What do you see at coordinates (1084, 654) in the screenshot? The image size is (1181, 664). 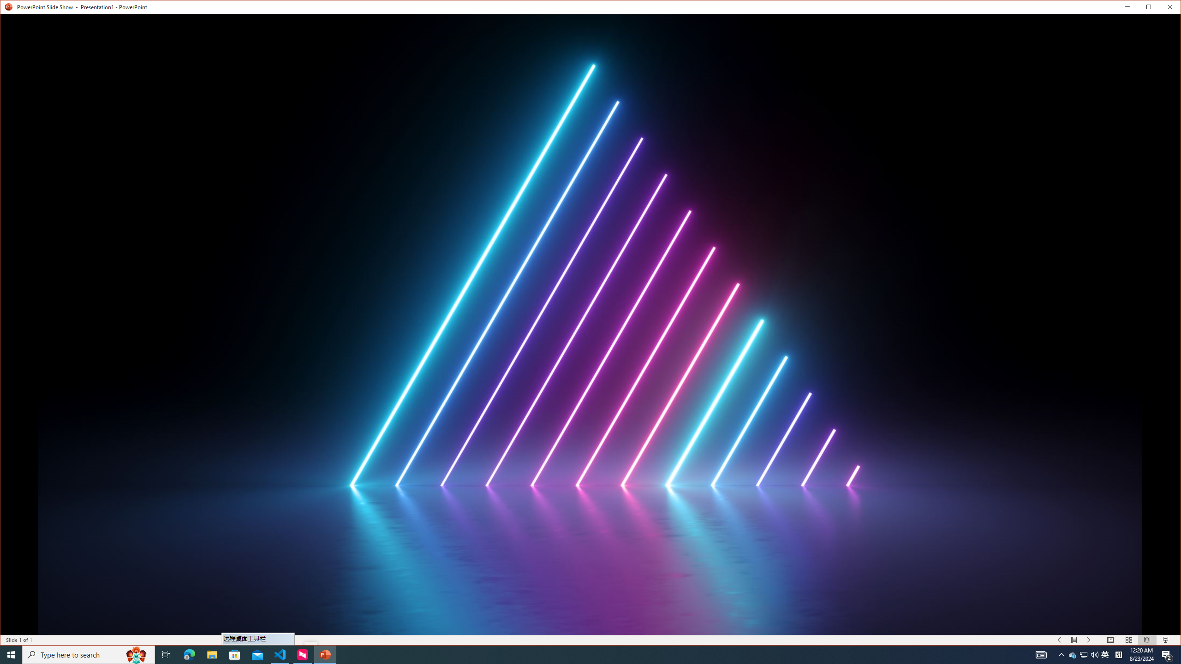 I see `'User Promoted Notification Area'` at bounding box center [1084, 654].